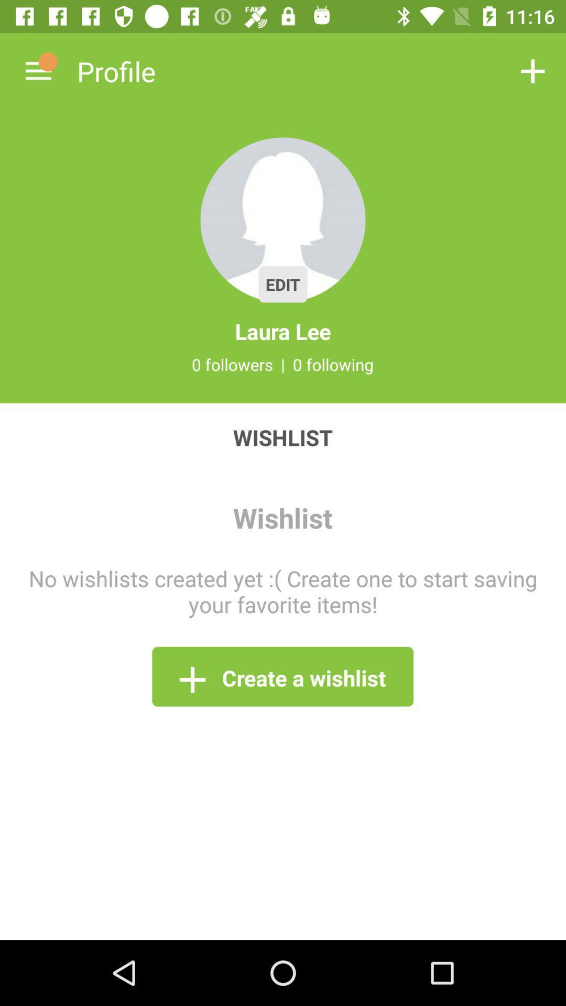  I want to click on the icon above wishlist item, so click(38, 71).